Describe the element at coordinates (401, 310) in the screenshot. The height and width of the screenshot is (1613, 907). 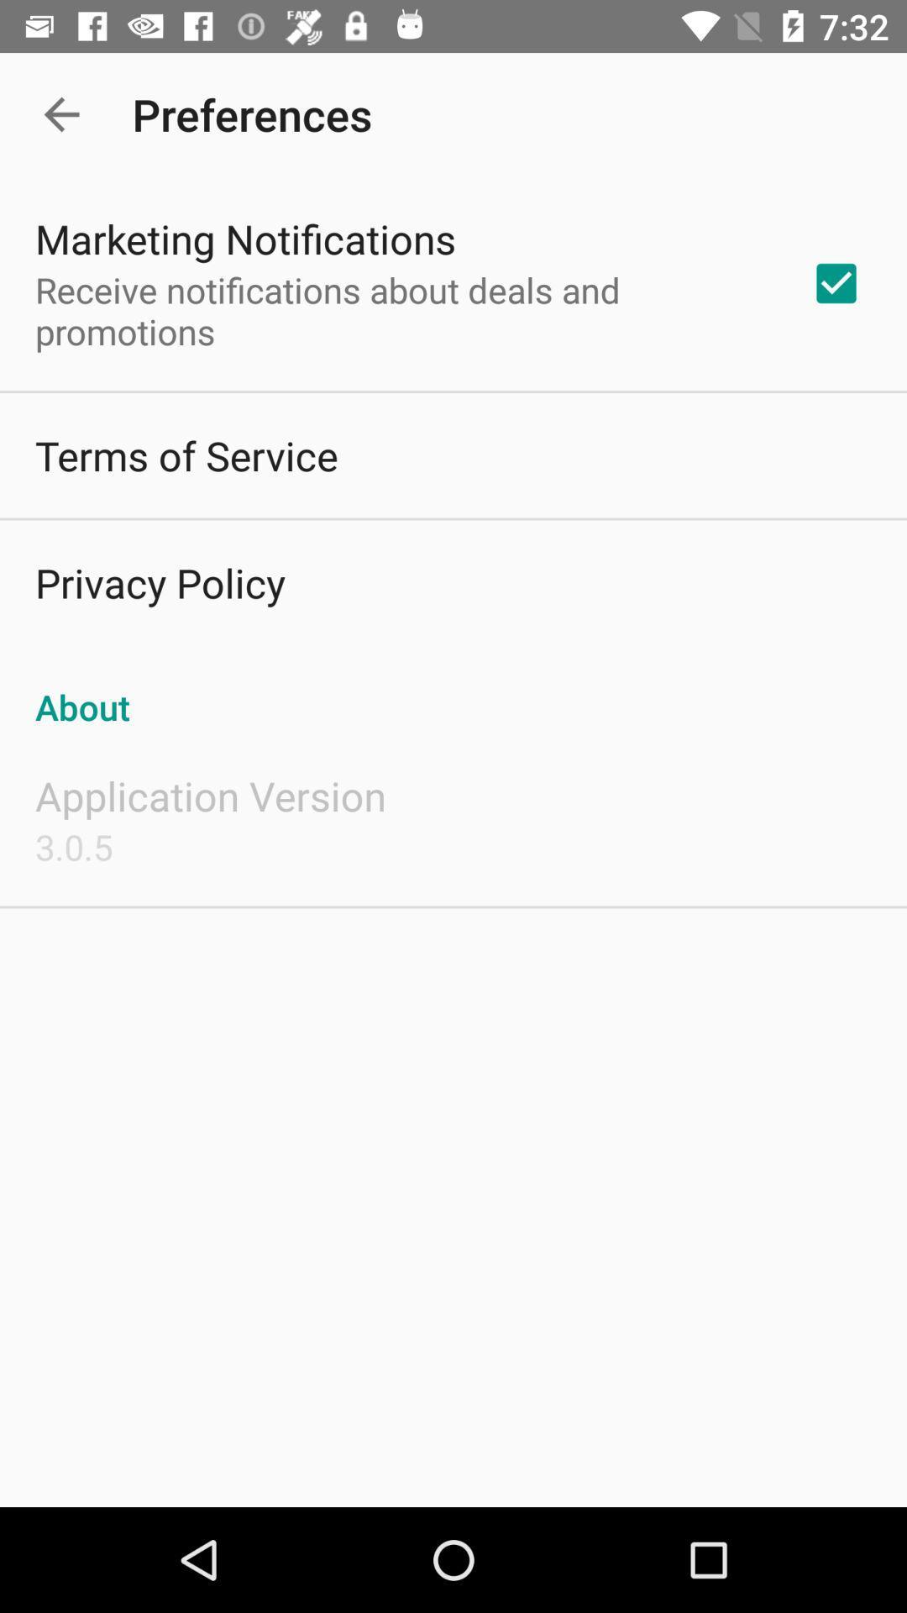
I see `icon above the terms of service` at that location.